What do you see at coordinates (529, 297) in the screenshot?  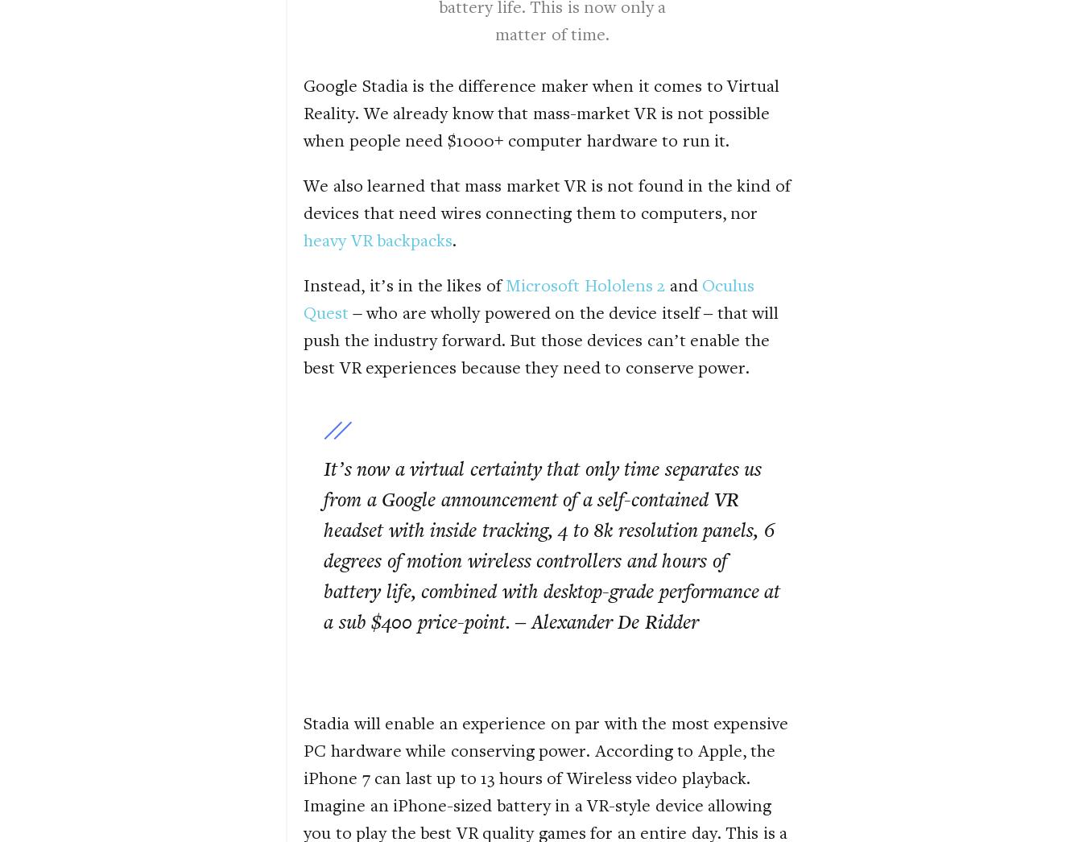 I see `'Oculus Quest'` at bounding box center [529, 297].